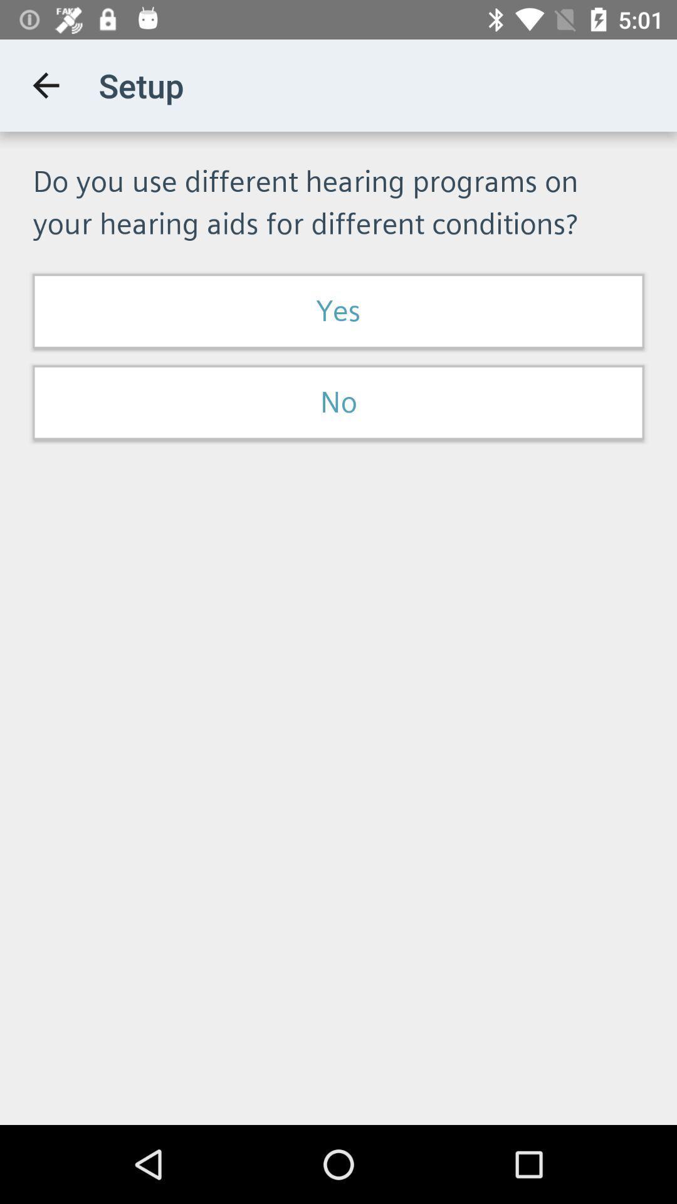 The height and width of the screenshot is (1204, 677). What do you see at coordinates (338, 403) in the screenshot?
I see `the icon at the center` at bounding box center [338, 403].